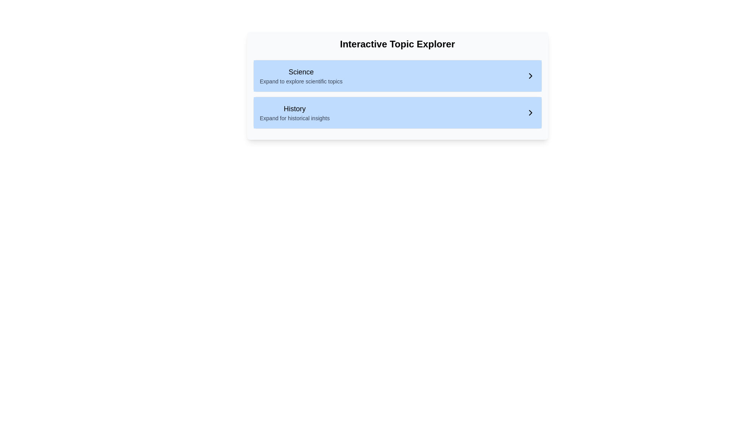 Image resolution: width=753 pixels, height=423 pixels. Describe the element at coordinates (301, 76) in the screenshot. I see `the 'Science' text label which is part of the Interactive Topic Explorer section to interact with it` at that location.